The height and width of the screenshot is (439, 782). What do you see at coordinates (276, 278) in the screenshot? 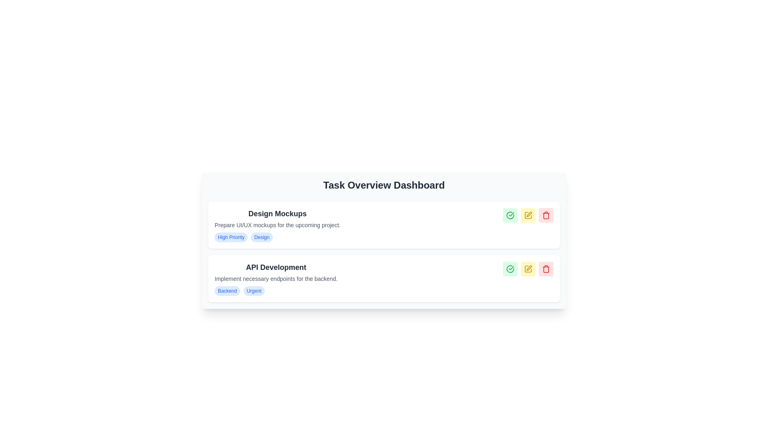
I see `the composite textual information block summarizing a task located in the second task slot below the 'Design Mockups' card on the dashboard` at bounding box center [276, 278].